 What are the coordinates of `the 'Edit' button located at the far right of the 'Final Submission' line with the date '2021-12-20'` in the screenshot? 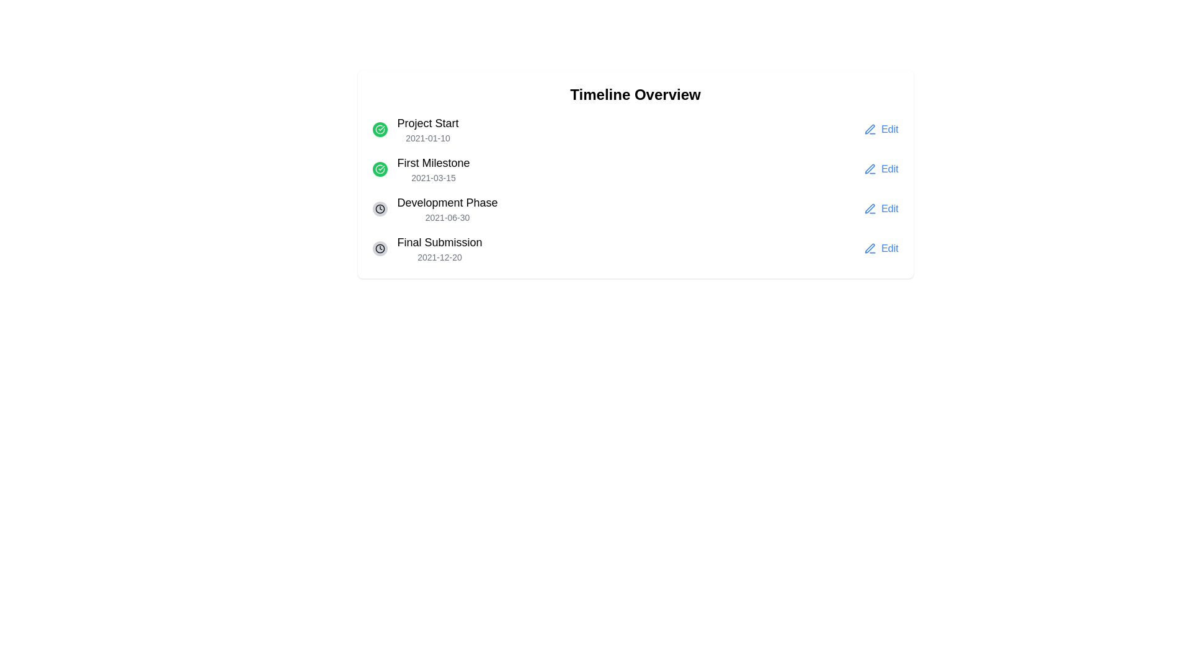 It's located at (880, 249).